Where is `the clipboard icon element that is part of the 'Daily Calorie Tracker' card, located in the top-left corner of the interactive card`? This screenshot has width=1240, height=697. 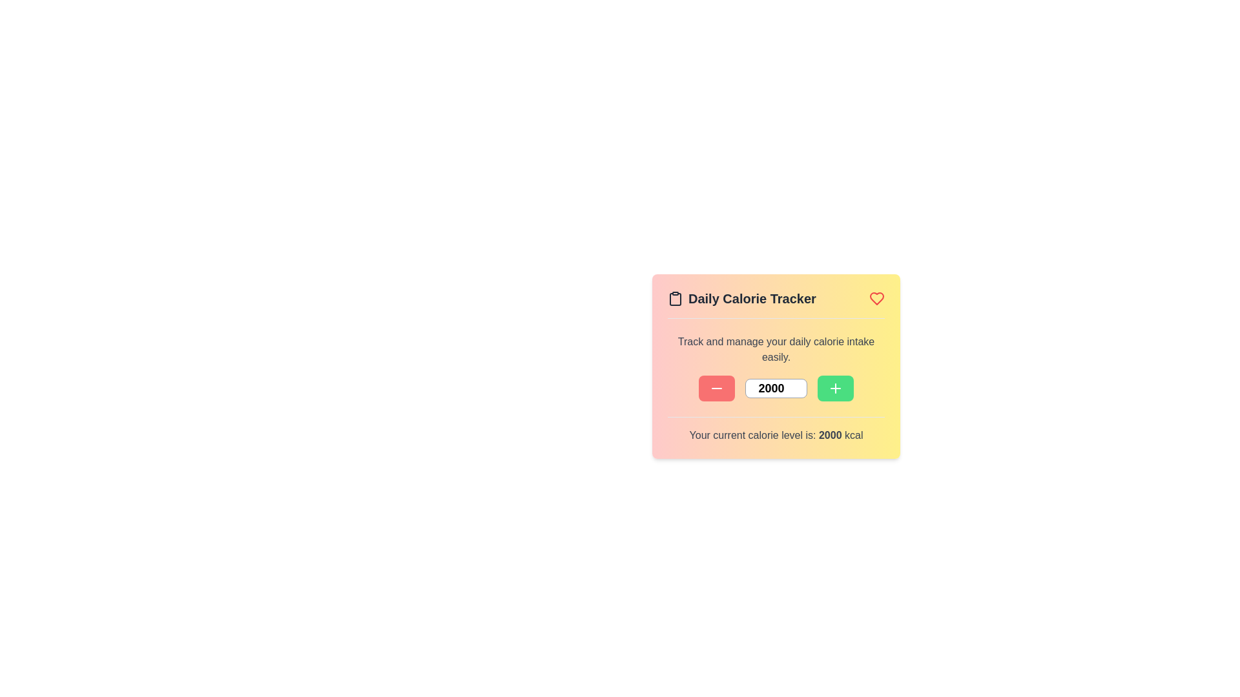
the clipboard icon element that is part of the 'Daily Calorie Tracker' card, located in the top-left corner of the interactive card is located at coordinates (675, 299).